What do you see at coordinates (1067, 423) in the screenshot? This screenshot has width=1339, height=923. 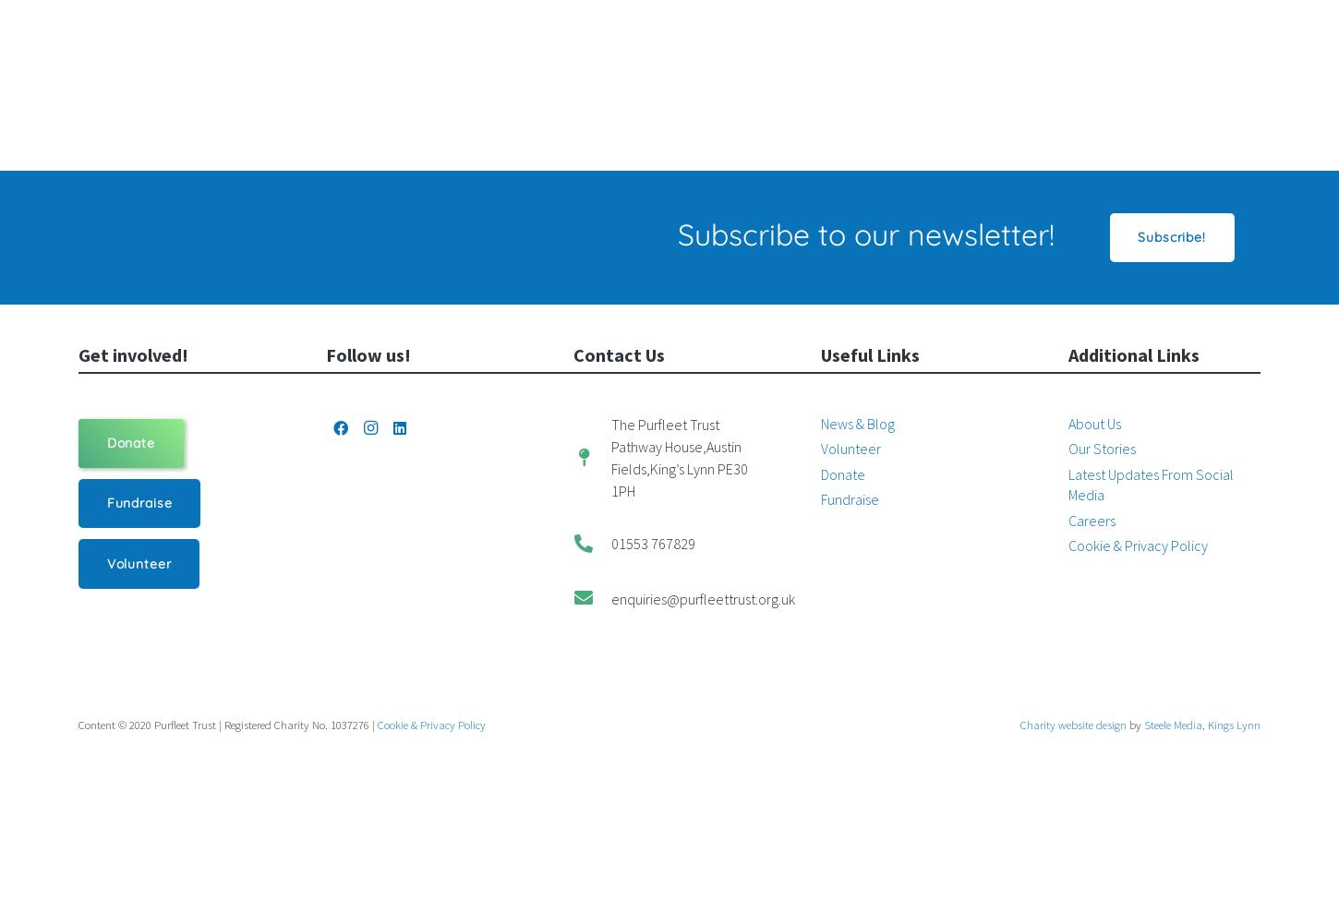 I see `'About Us'` at bounding box center [1067, 423].